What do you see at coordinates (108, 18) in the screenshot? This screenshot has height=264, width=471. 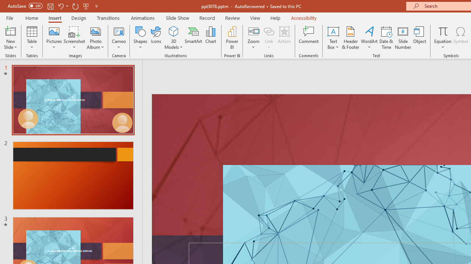 I see `'Transitions'` at bounding box center [108, 18].